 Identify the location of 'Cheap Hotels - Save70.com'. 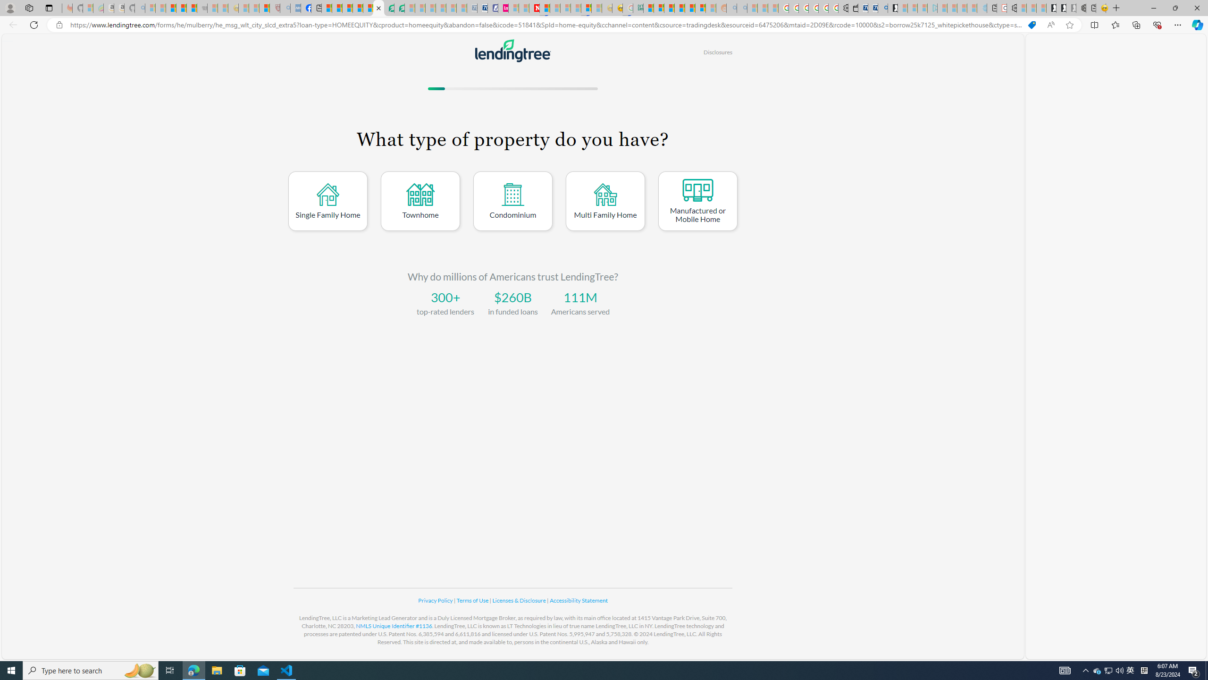
(482, 8).